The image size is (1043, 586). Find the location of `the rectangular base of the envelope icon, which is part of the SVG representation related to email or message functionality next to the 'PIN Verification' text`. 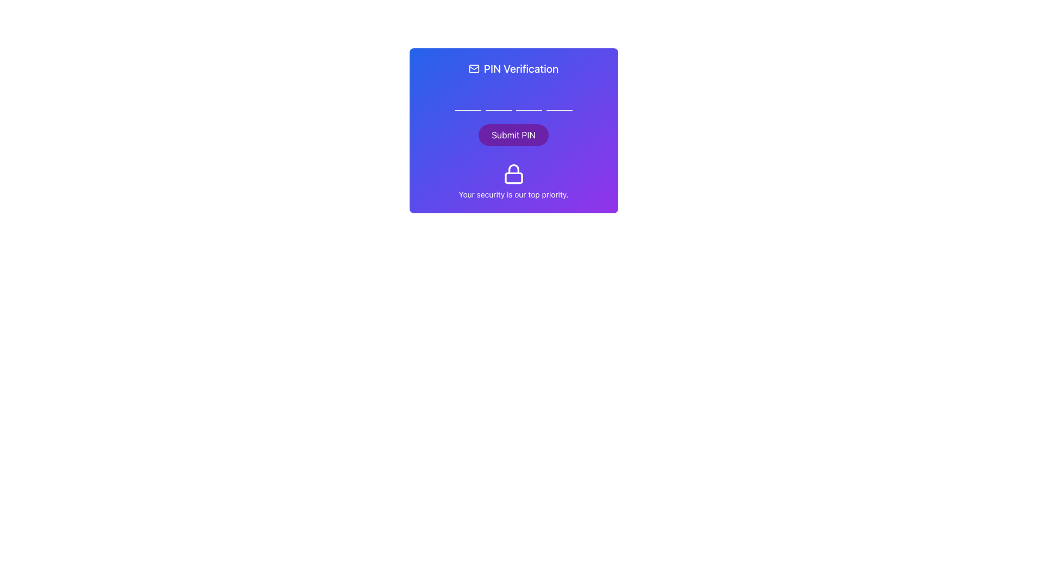

the rectangular base of the envelope icon, which is part of the SVG representation related to email or message functionality next to the 'PIN Verification' text is located at coordinates (474, 69).